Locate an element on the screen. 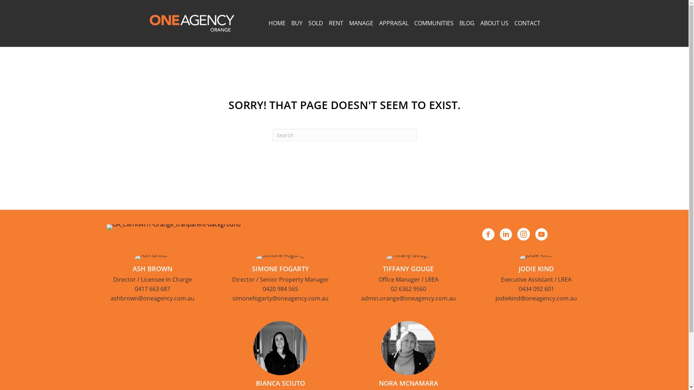 Image resolution: width=694 pixels, height=390 pixels. 'BUY' is located at coordinates (297, 23).